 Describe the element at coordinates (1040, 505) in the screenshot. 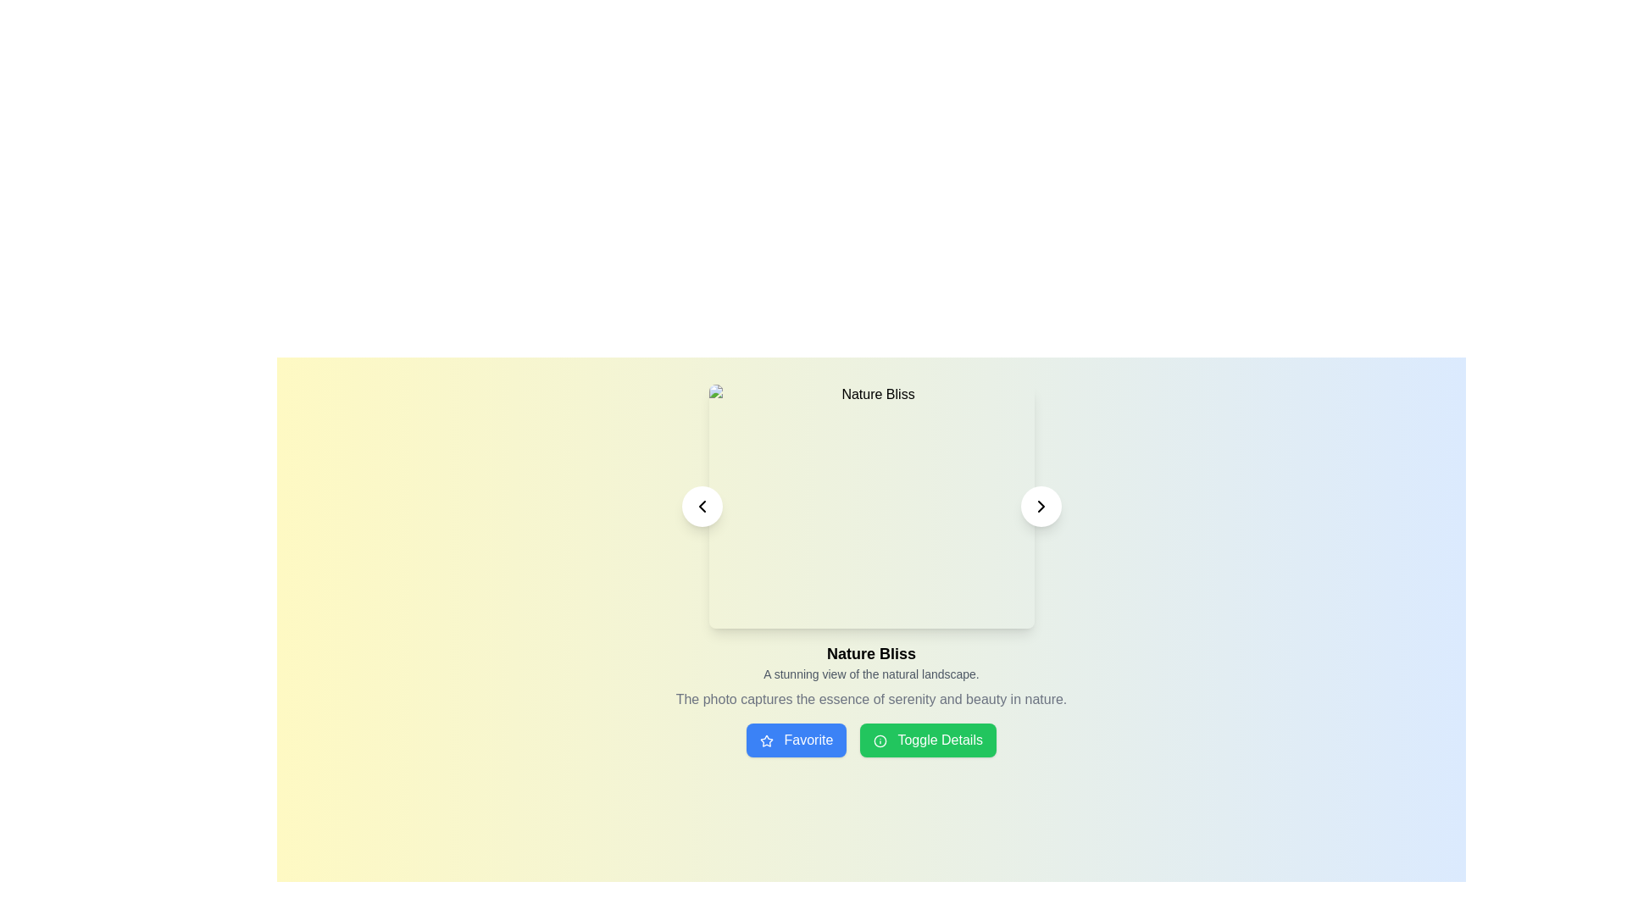

I see `the small circular button with a white background and a black rightward chevron arrow icon` at that location.